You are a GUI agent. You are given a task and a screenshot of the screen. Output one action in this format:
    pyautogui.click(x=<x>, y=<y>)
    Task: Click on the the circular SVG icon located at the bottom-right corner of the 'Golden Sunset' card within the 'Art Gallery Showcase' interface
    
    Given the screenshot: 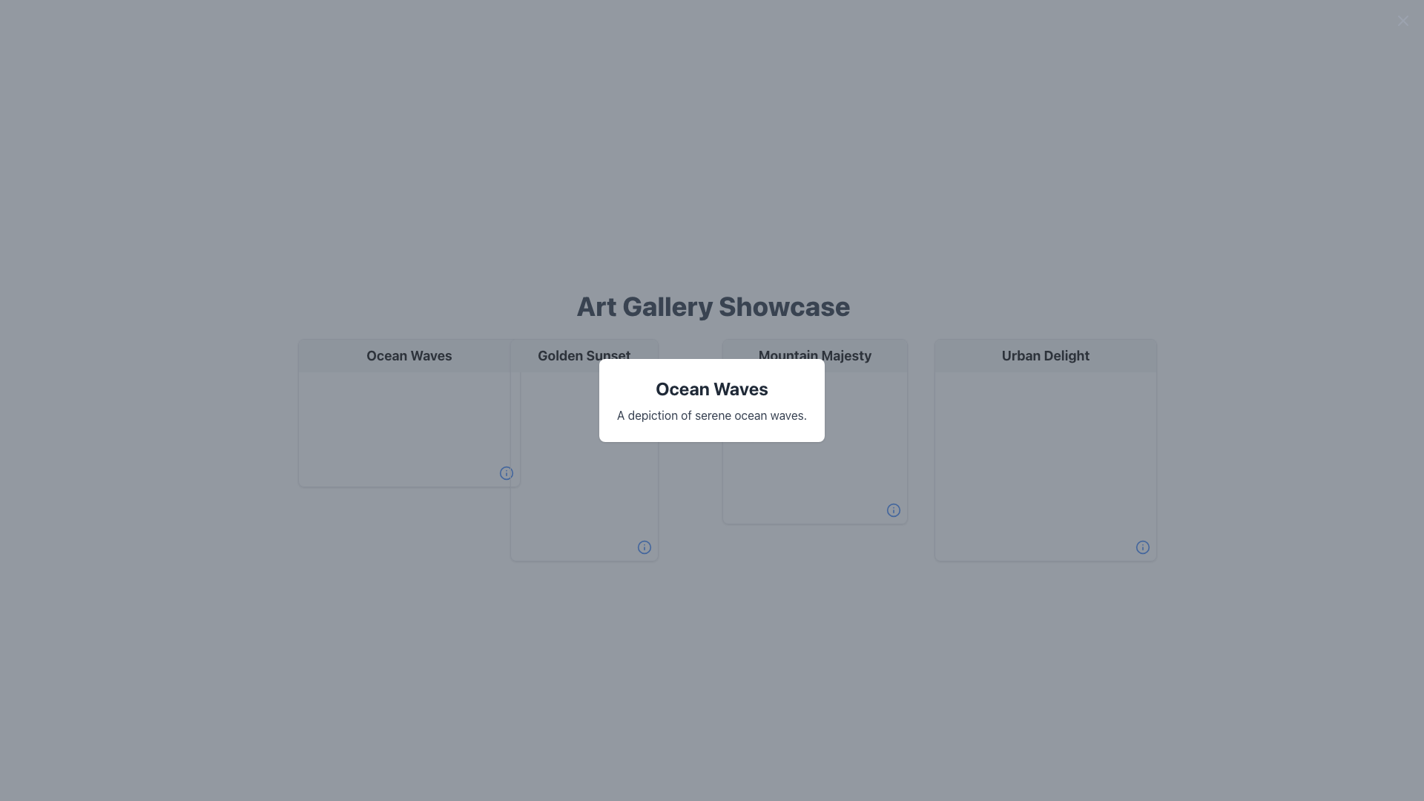 What is the action you would take?
    pyautogui.click(x=506, y=472)
    